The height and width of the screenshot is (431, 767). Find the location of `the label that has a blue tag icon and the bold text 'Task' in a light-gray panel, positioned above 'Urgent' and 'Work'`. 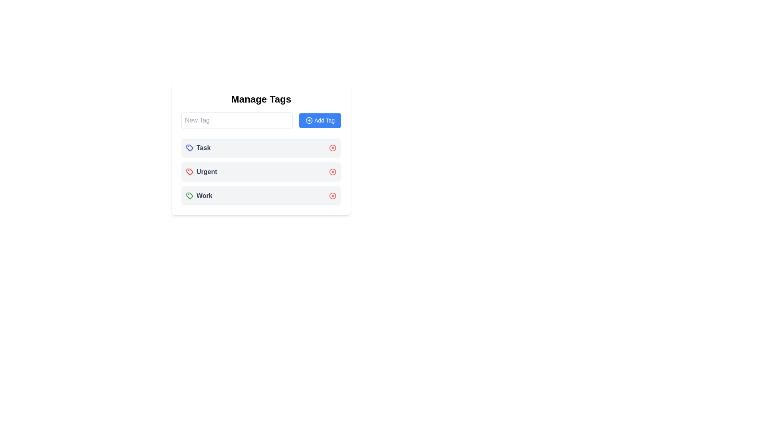

the label that has a blue tag icon and the bold text 'Task' in a light-gray panel, positioned above 'Urgent' and 'Work' is located at coordinates (198, 148).